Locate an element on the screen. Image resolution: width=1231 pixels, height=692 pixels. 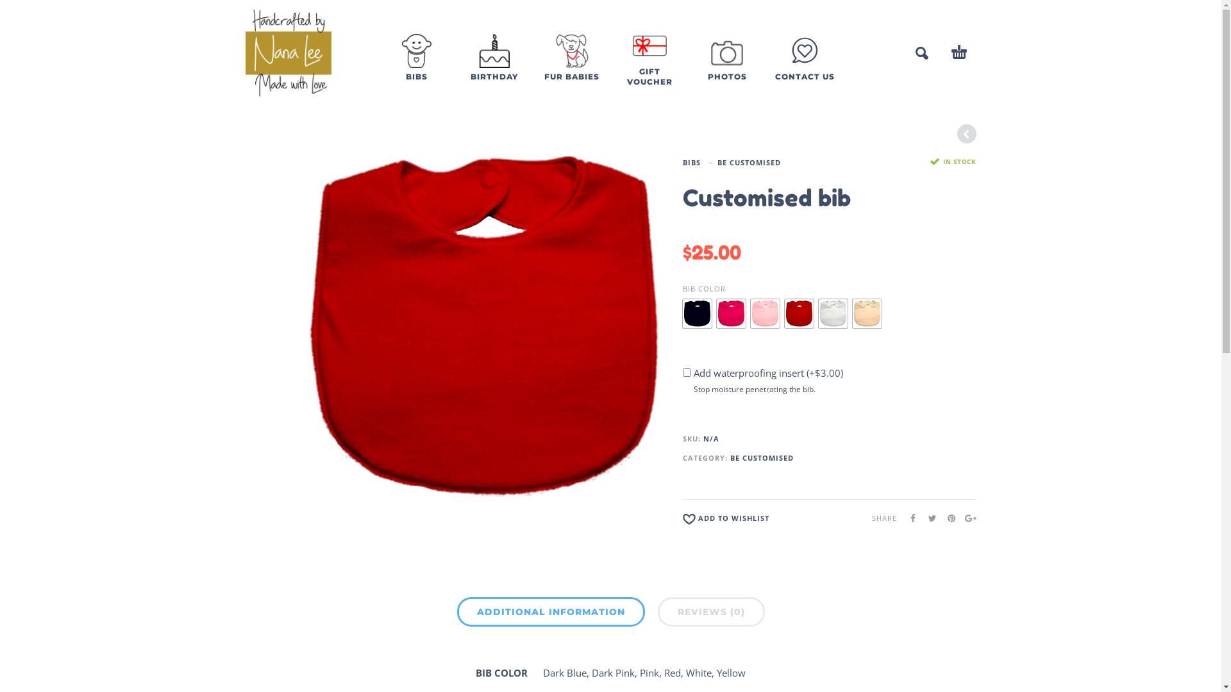
'REVIEWS (0)' is located at coordinates (710, 611).